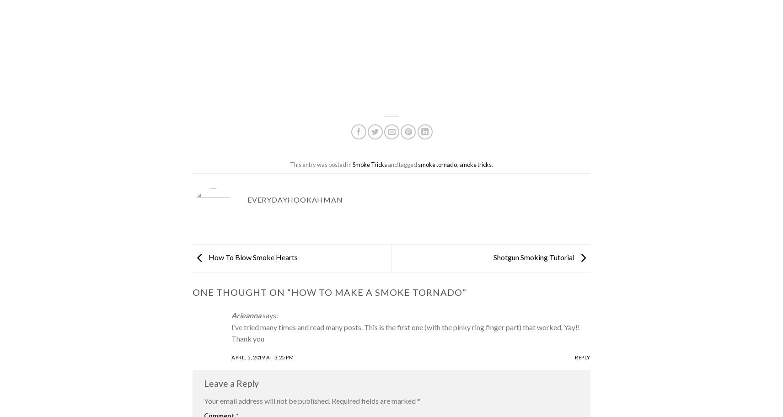  I want to click on 'How To Blow Smoke Hearts', so click(206, 257).